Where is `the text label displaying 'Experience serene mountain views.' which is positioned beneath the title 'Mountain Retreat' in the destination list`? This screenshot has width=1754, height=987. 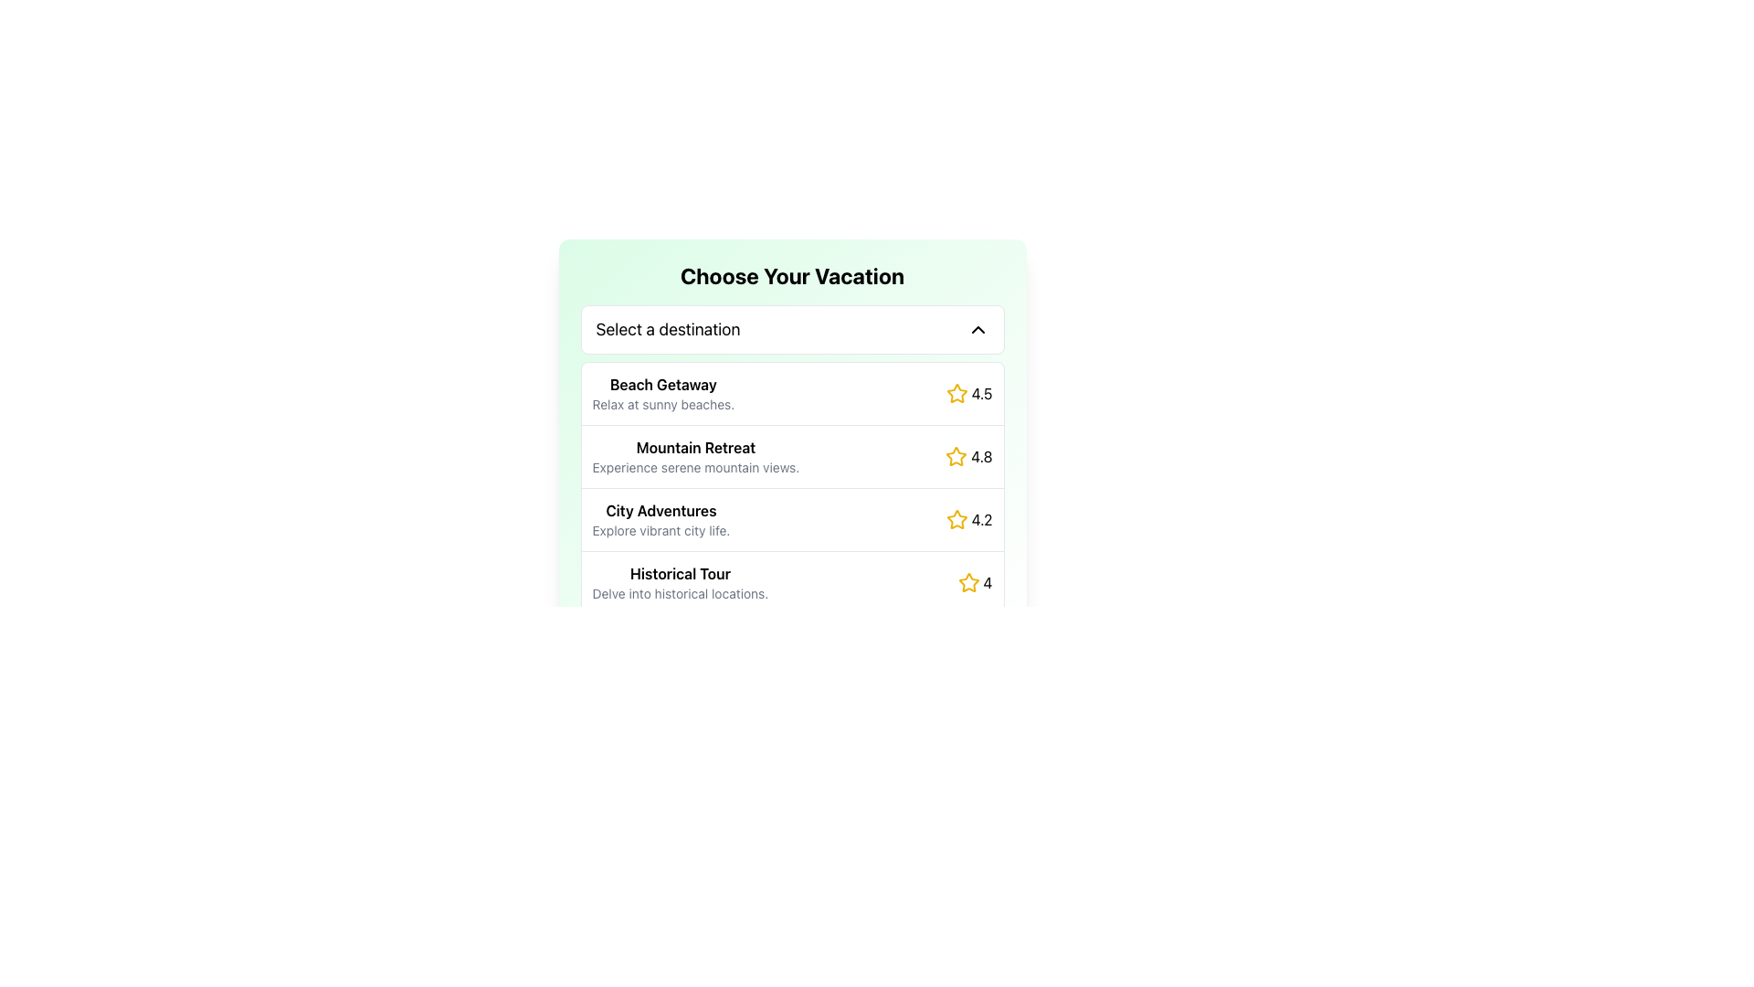 the text label displaying 'Experience serene mountain views.' which is positioned beneath the title 'Mountain Retreat' in the destination list is located at coordinates (694, 467).